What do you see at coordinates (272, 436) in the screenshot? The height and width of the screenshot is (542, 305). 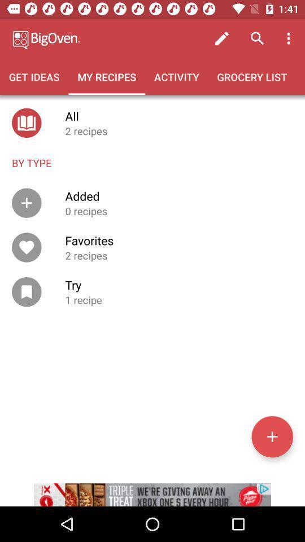 I see `option` at bounding box center [272, 436].